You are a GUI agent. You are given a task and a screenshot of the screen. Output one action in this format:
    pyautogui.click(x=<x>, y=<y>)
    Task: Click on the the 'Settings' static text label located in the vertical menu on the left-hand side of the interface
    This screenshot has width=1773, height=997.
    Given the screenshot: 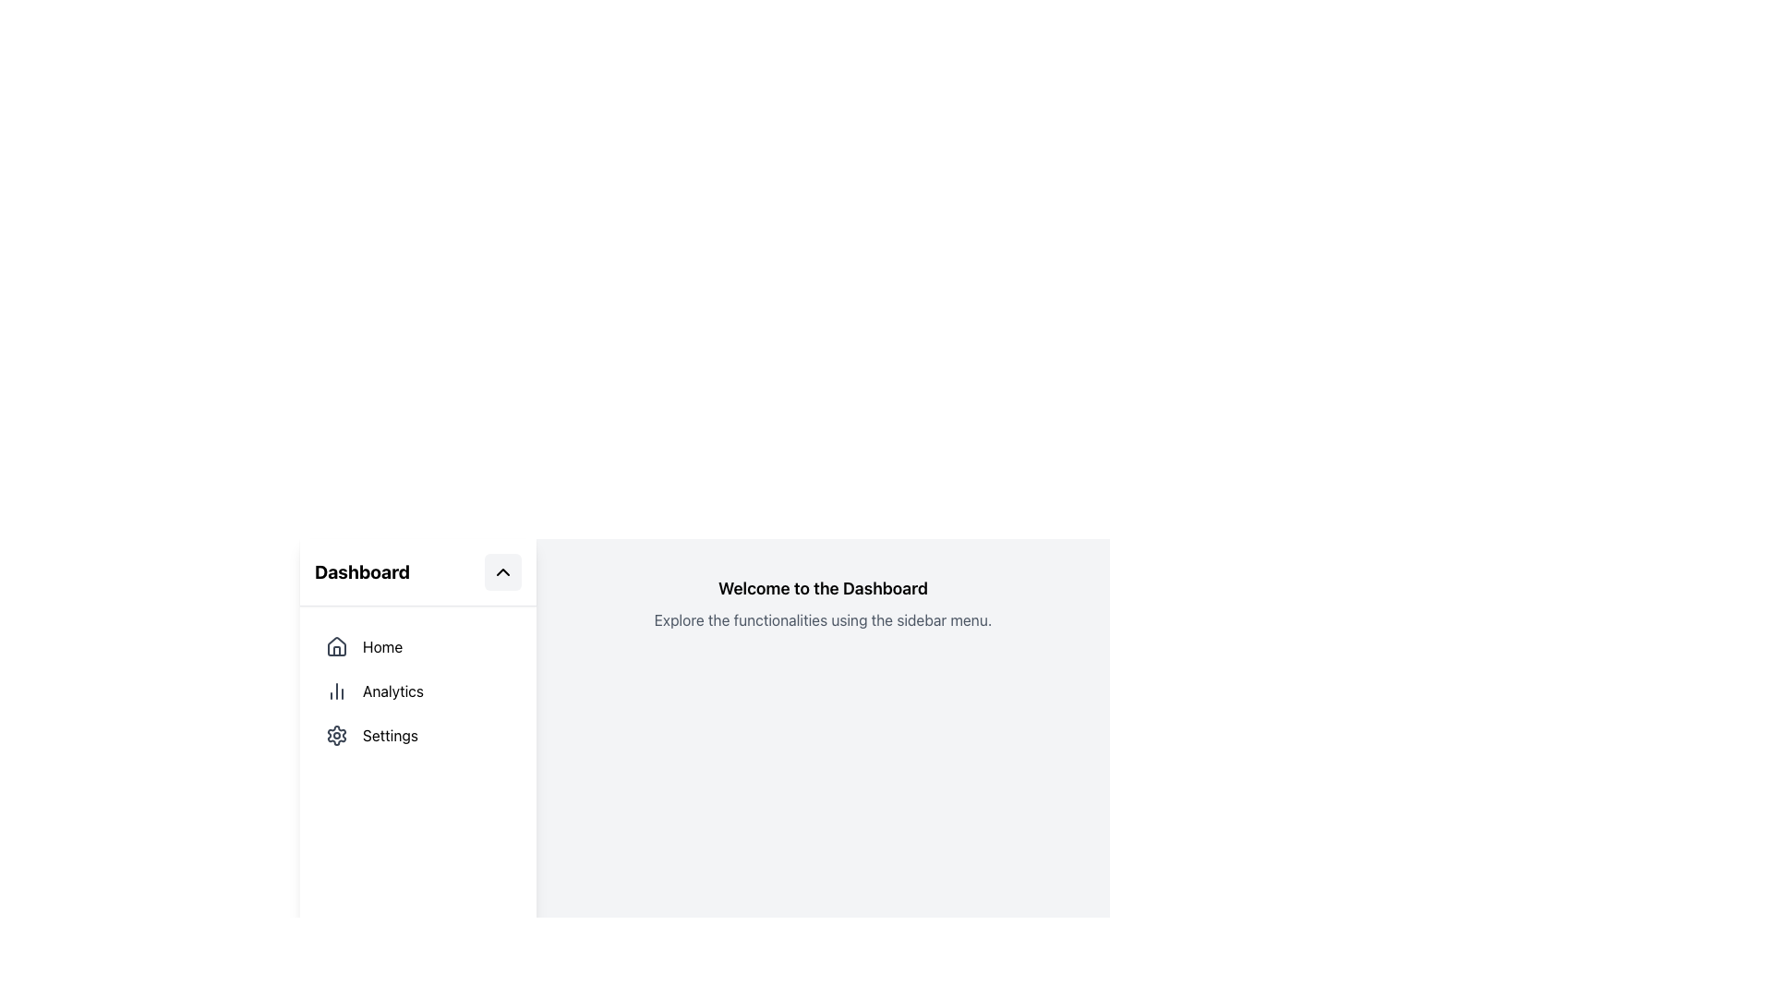 What is the action you would take?
    pyautogui.click(x=389, y=735)
    